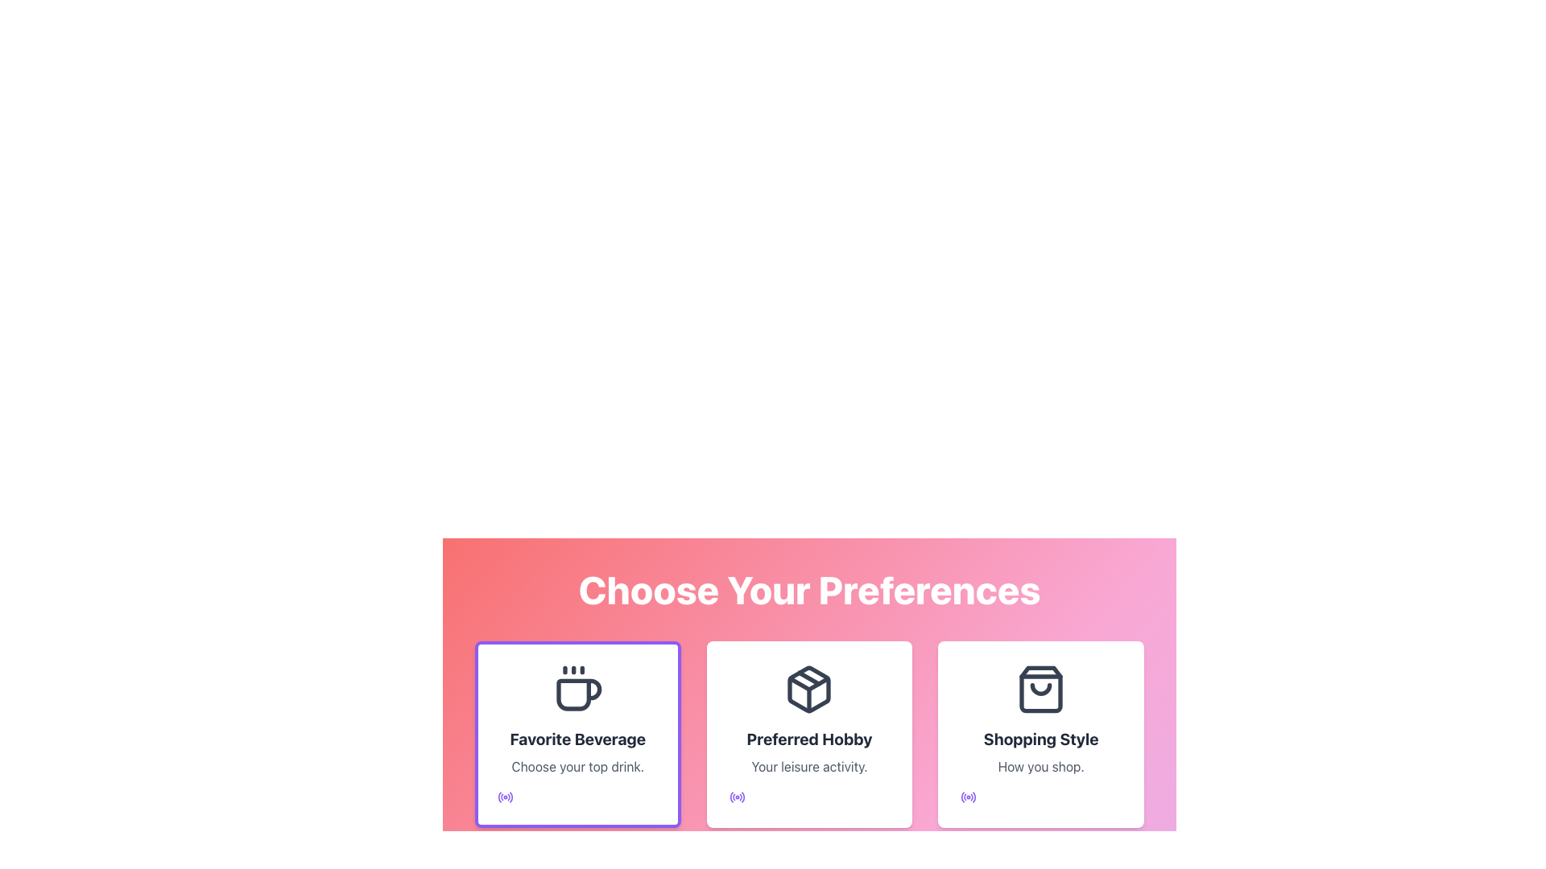  I want to click on the bold, extra-large text label reading 'Shopping Style' located in the third card of the horizontally arranged preference selections, so click(1041, 739).